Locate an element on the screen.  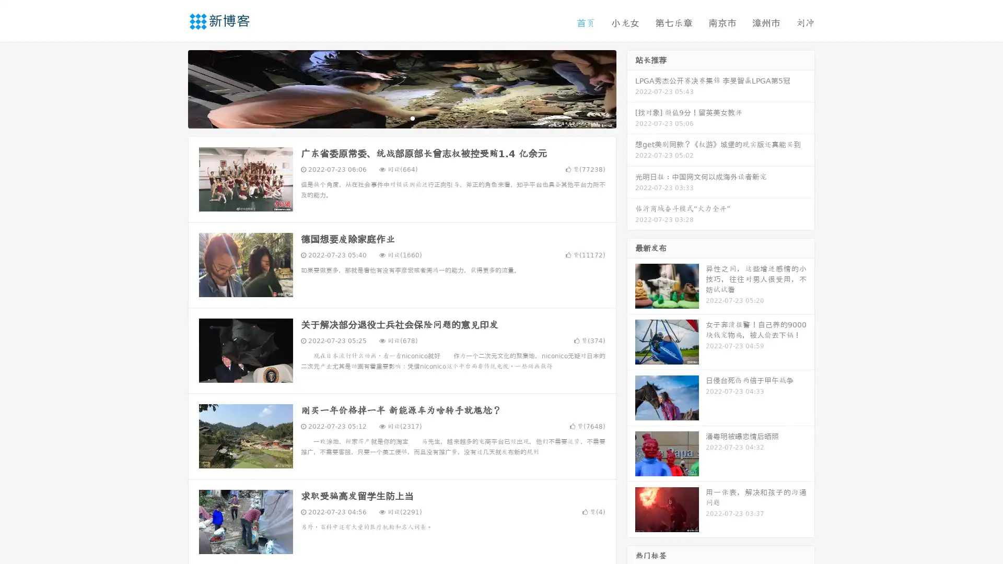
Go to slide 3 is located at coordinates (412, 118).